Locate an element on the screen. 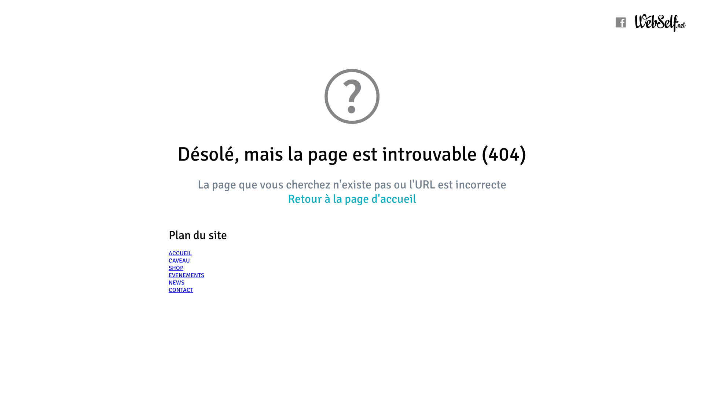 This screenshot has height=396, width=704. 'NEWS' is located at coordinates (176, 282).